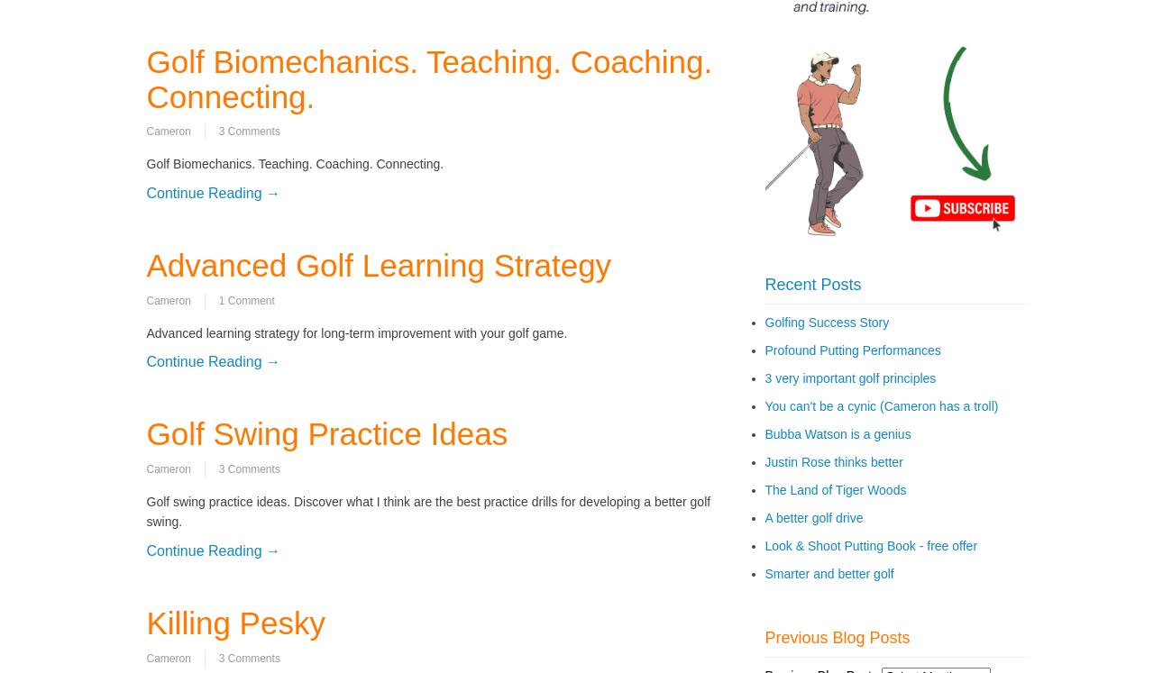 The image size is (1172, 673). Describe the element at coordinates (234, 623) in the screenshot. I see `'Killing Pesky'` at that location.